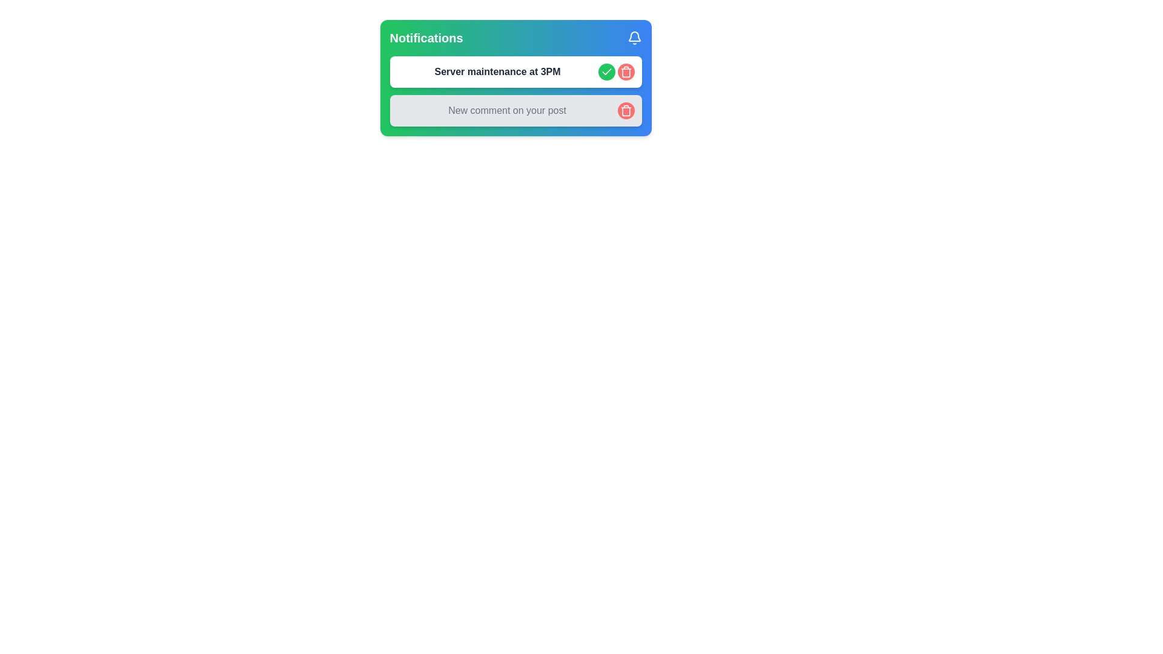  Describe the element at coordinates (507, 110) in the screenshot. I see `the text label that provides information about a new comment on the user's post, located in the center-left of the second notification card` at that location.